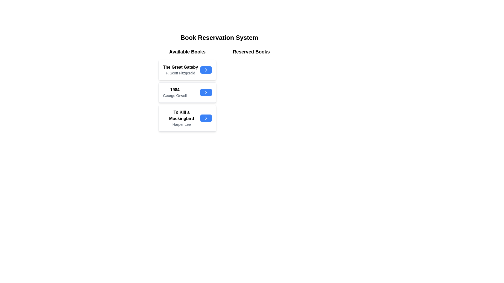  What do you see at coordinates (187, 91) in the screenshot?
I see `the list item displaying the title '1984' and the author's name 'George Orwell'` at bounding box center [187, 91].